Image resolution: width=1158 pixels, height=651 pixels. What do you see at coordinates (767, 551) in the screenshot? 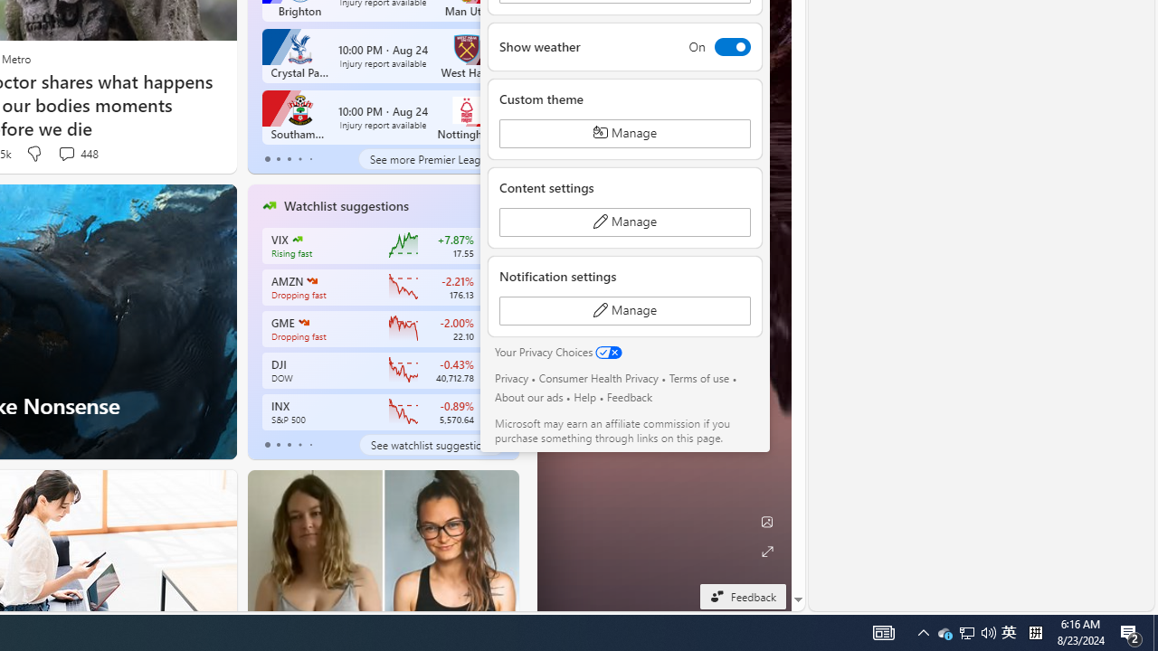
I see `'Expand background'` at bounding box center [767, 551].